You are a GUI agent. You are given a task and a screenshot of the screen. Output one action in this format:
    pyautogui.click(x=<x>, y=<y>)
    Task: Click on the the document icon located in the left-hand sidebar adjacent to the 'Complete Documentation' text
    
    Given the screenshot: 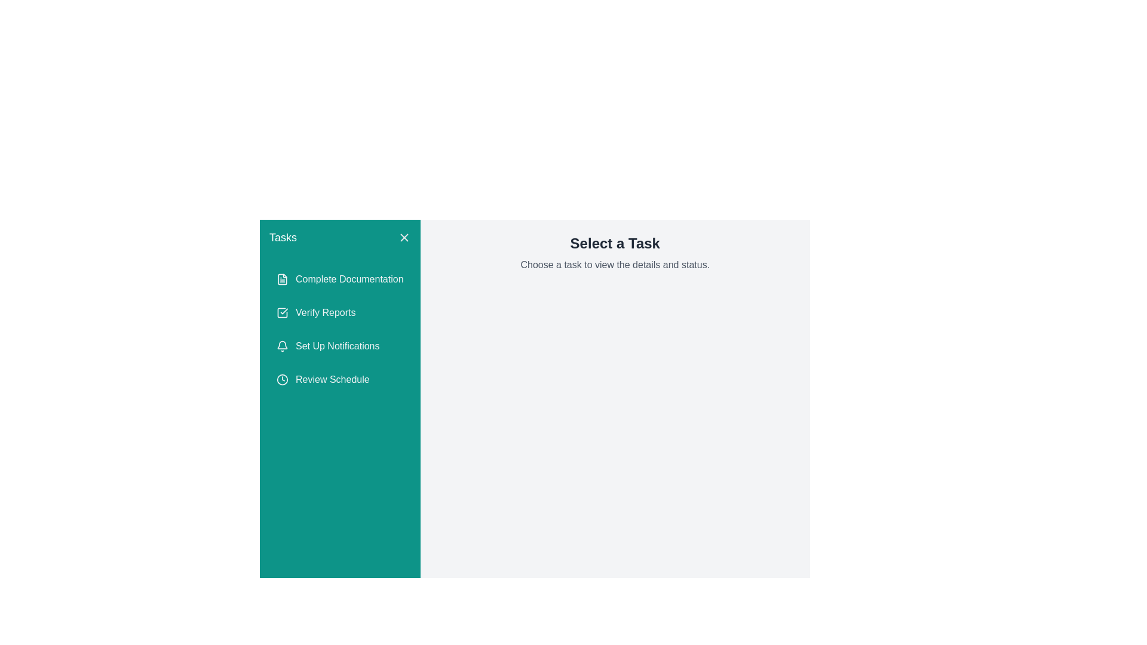 What is the action you would take?
    pyautogui.click(x=282, y=279)
    